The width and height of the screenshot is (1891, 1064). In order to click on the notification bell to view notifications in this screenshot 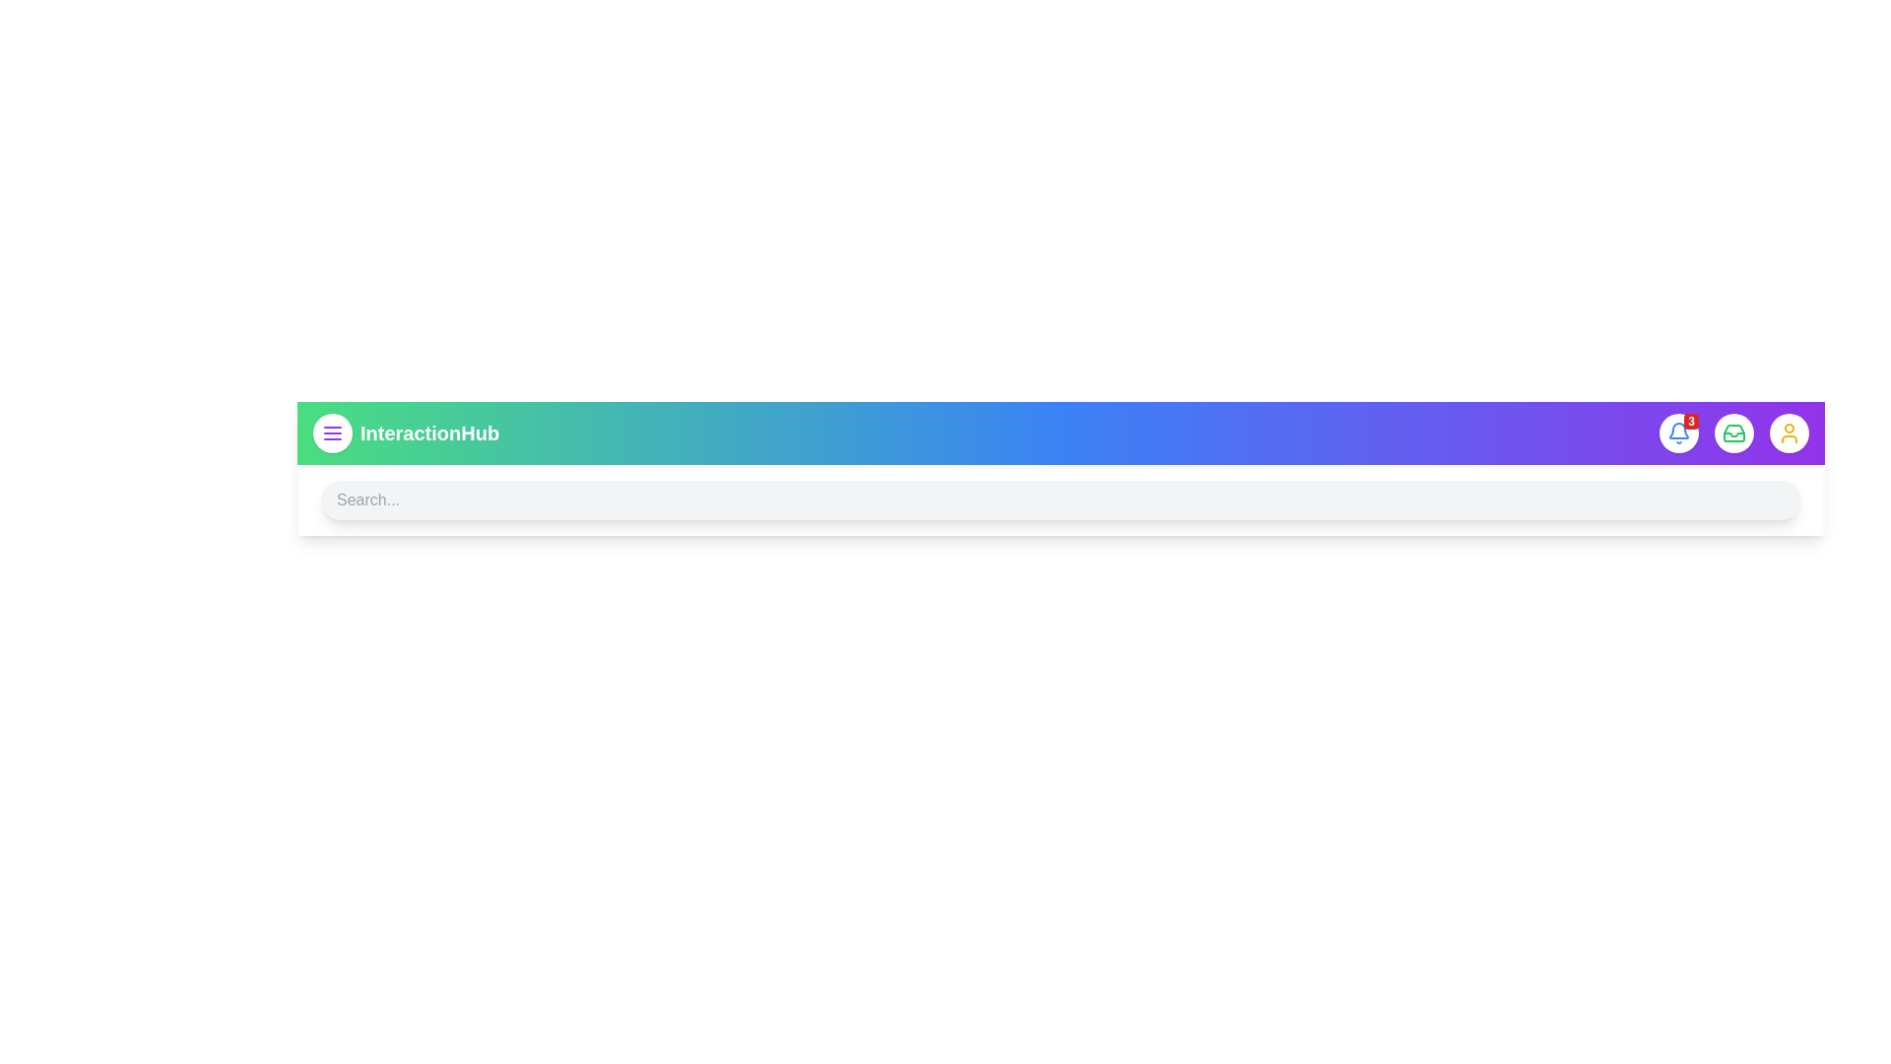, I will do `click(1677, 432)`.